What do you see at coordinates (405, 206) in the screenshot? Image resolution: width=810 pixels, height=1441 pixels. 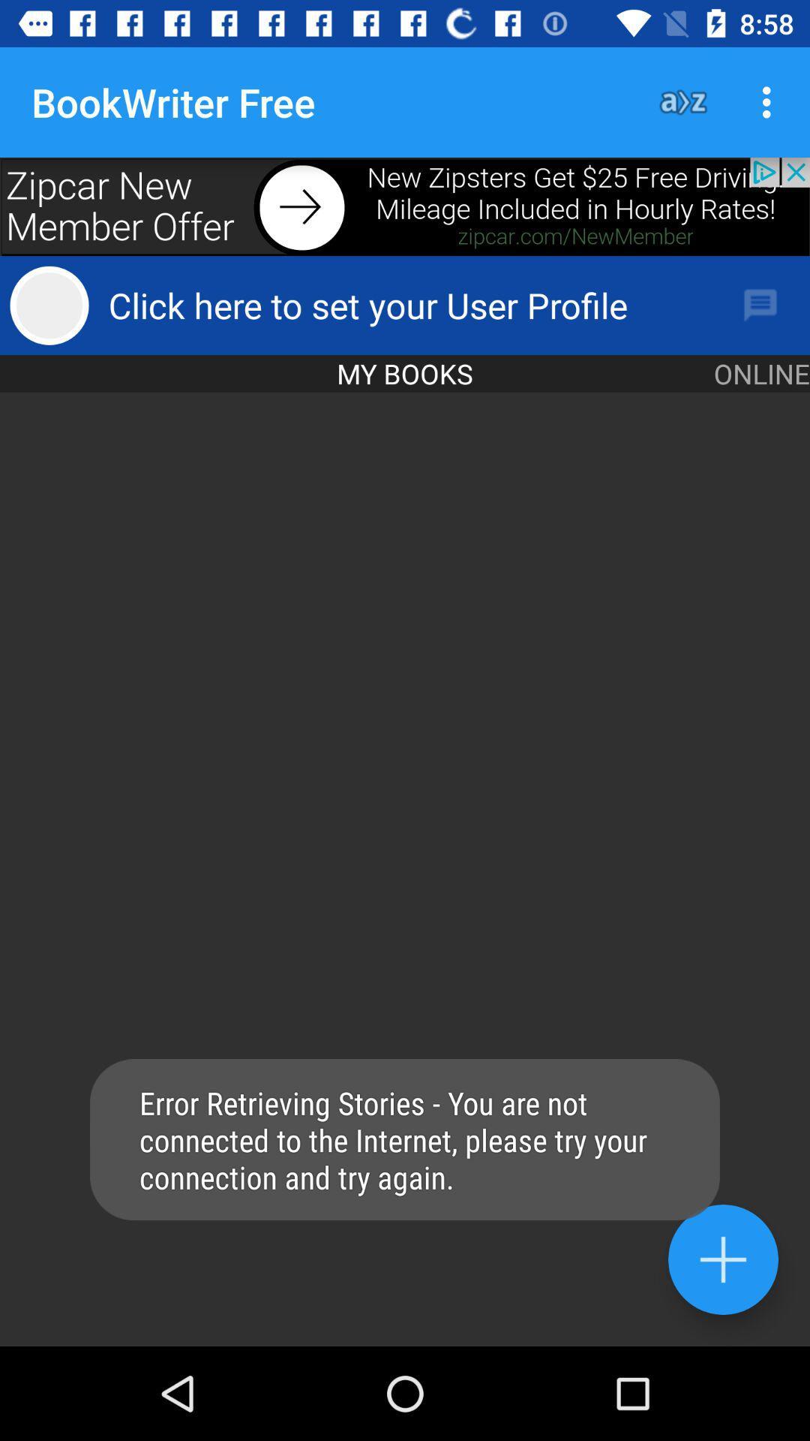 I see `app advertisement` at bounding box center [405, 206].